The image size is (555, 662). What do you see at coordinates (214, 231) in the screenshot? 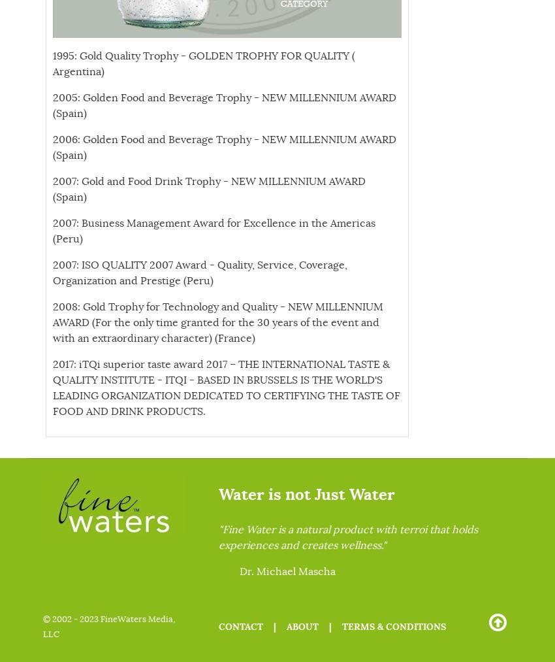
I see `'2007: Business Management Award for Excellence in the Americas (Peru)'` at bounding box center [214, 231].